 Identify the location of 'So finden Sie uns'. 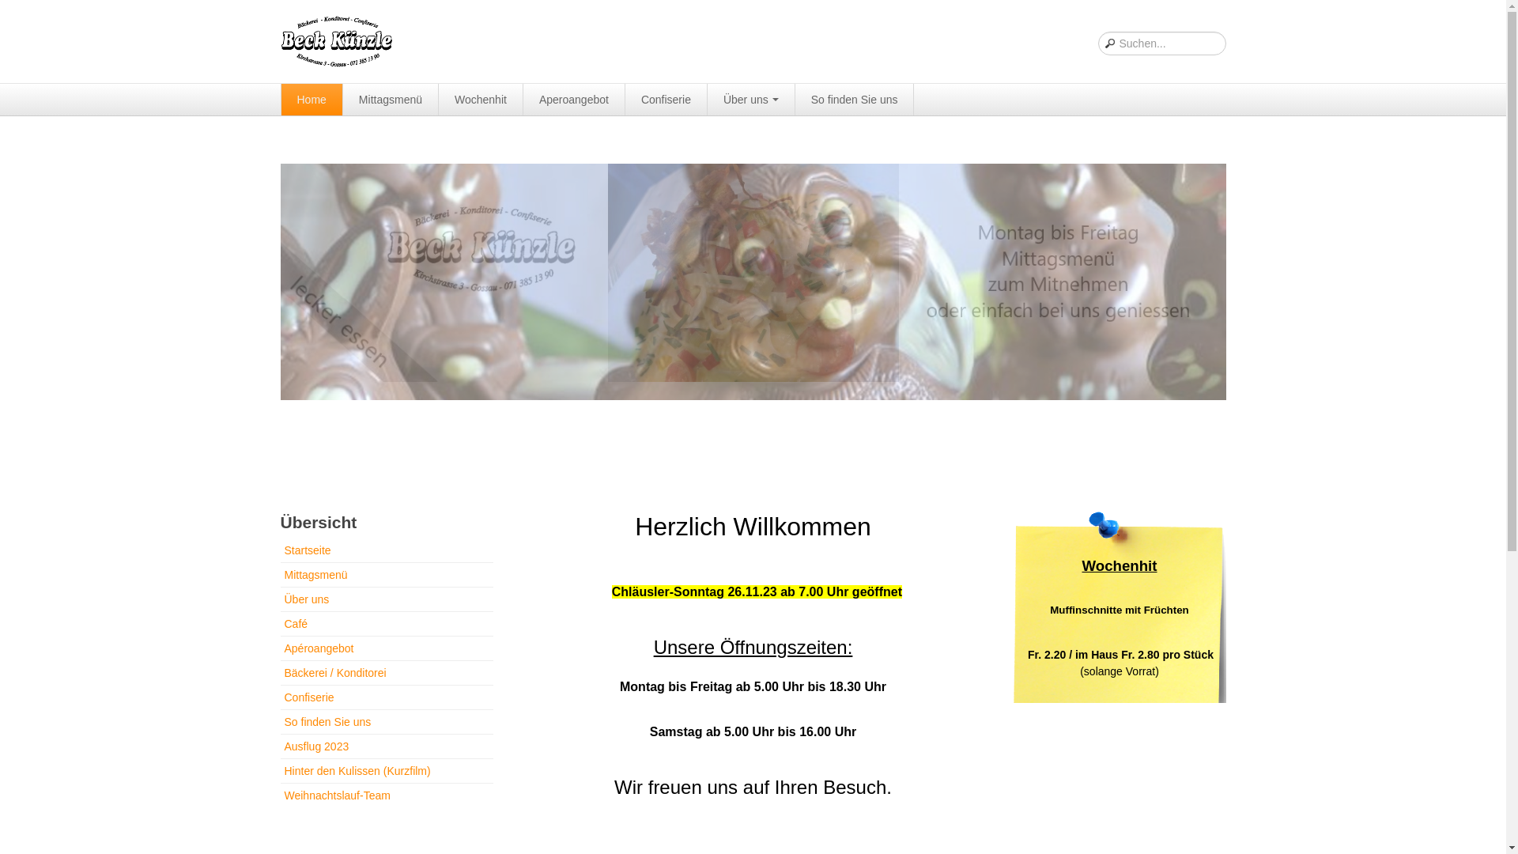
(854, 100).